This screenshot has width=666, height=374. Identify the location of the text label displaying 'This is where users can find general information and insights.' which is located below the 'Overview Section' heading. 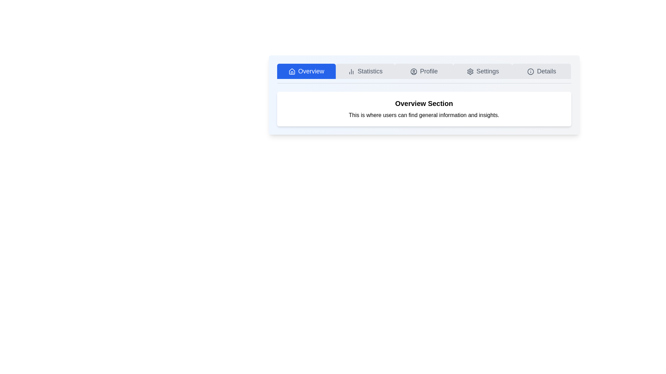
(424, 115).